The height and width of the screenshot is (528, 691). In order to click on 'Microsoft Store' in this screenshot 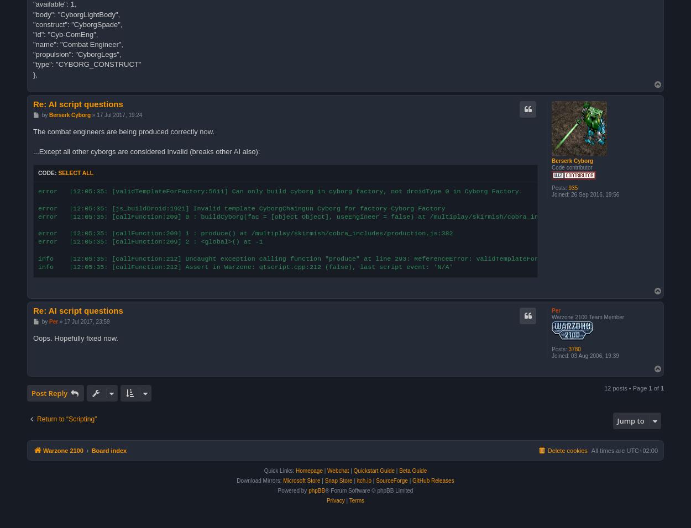, I will do `click(301, 481)`.